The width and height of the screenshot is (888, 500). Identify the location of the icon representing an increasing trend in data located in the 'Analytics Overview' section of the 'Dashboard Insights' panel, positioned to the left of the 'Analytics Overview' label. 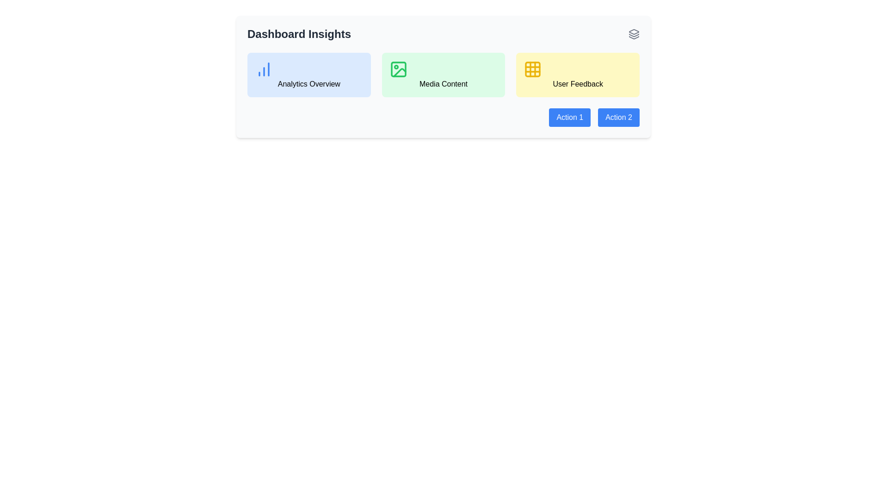
(264, 69).